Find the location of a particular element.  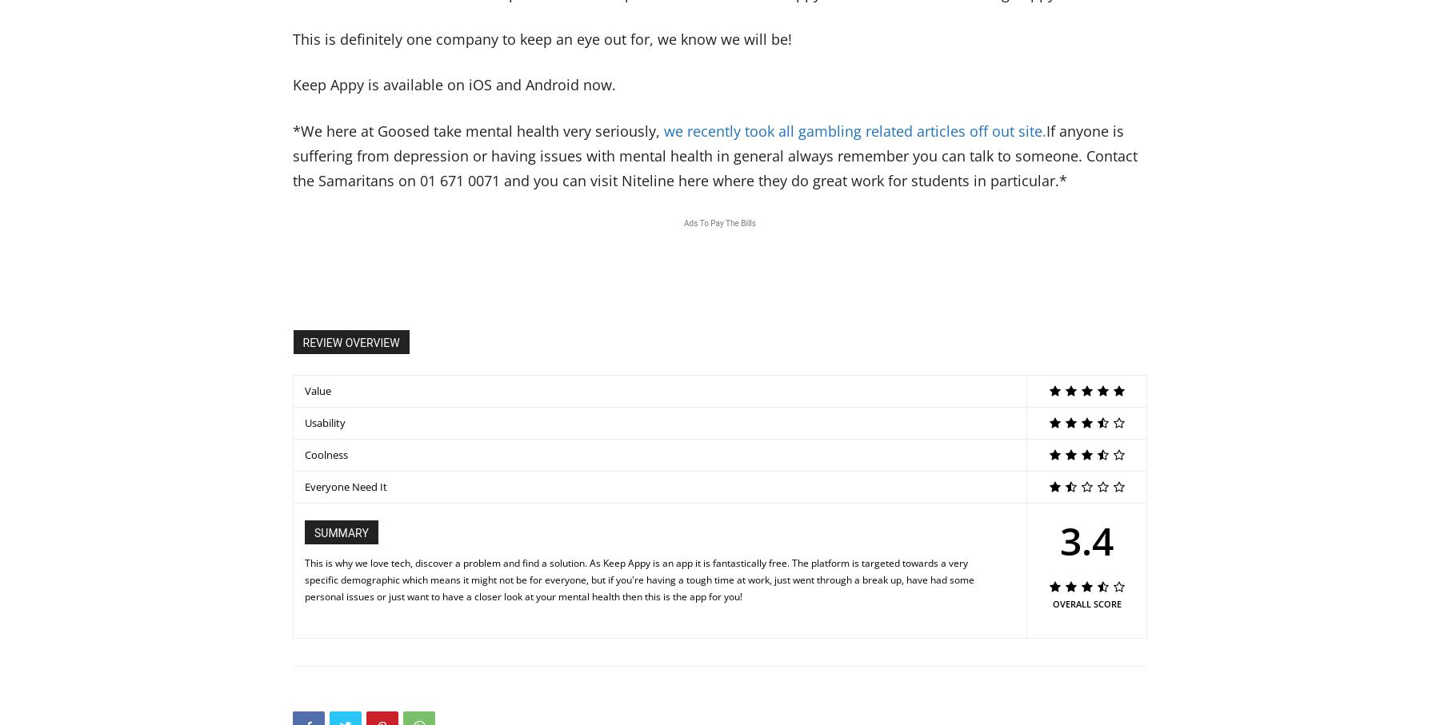

'Keep Appy is available on iOS and Android now.' is located at coordinates (454, 84).